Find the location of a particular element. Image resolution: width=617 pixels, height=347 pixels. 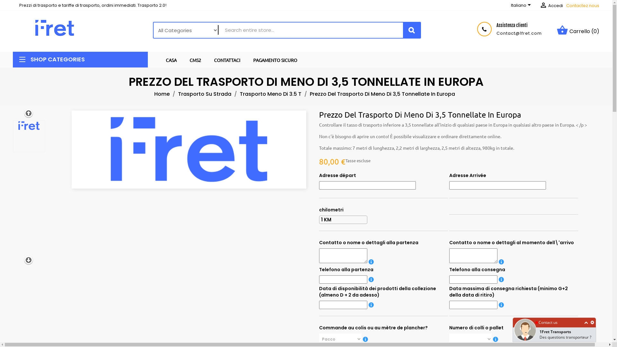

'Contactez nous' is located at coordinates (583, 5).